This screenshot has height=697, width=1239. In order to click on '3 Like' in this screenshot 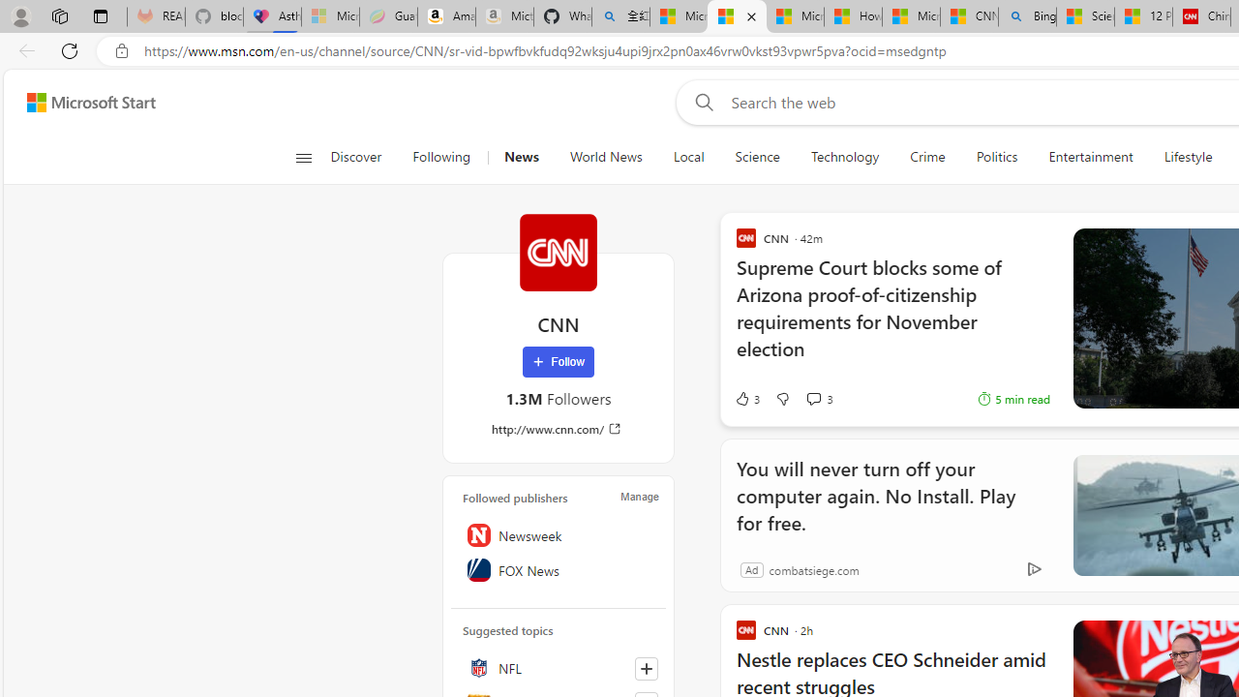, I will do `click(745, 398)`.